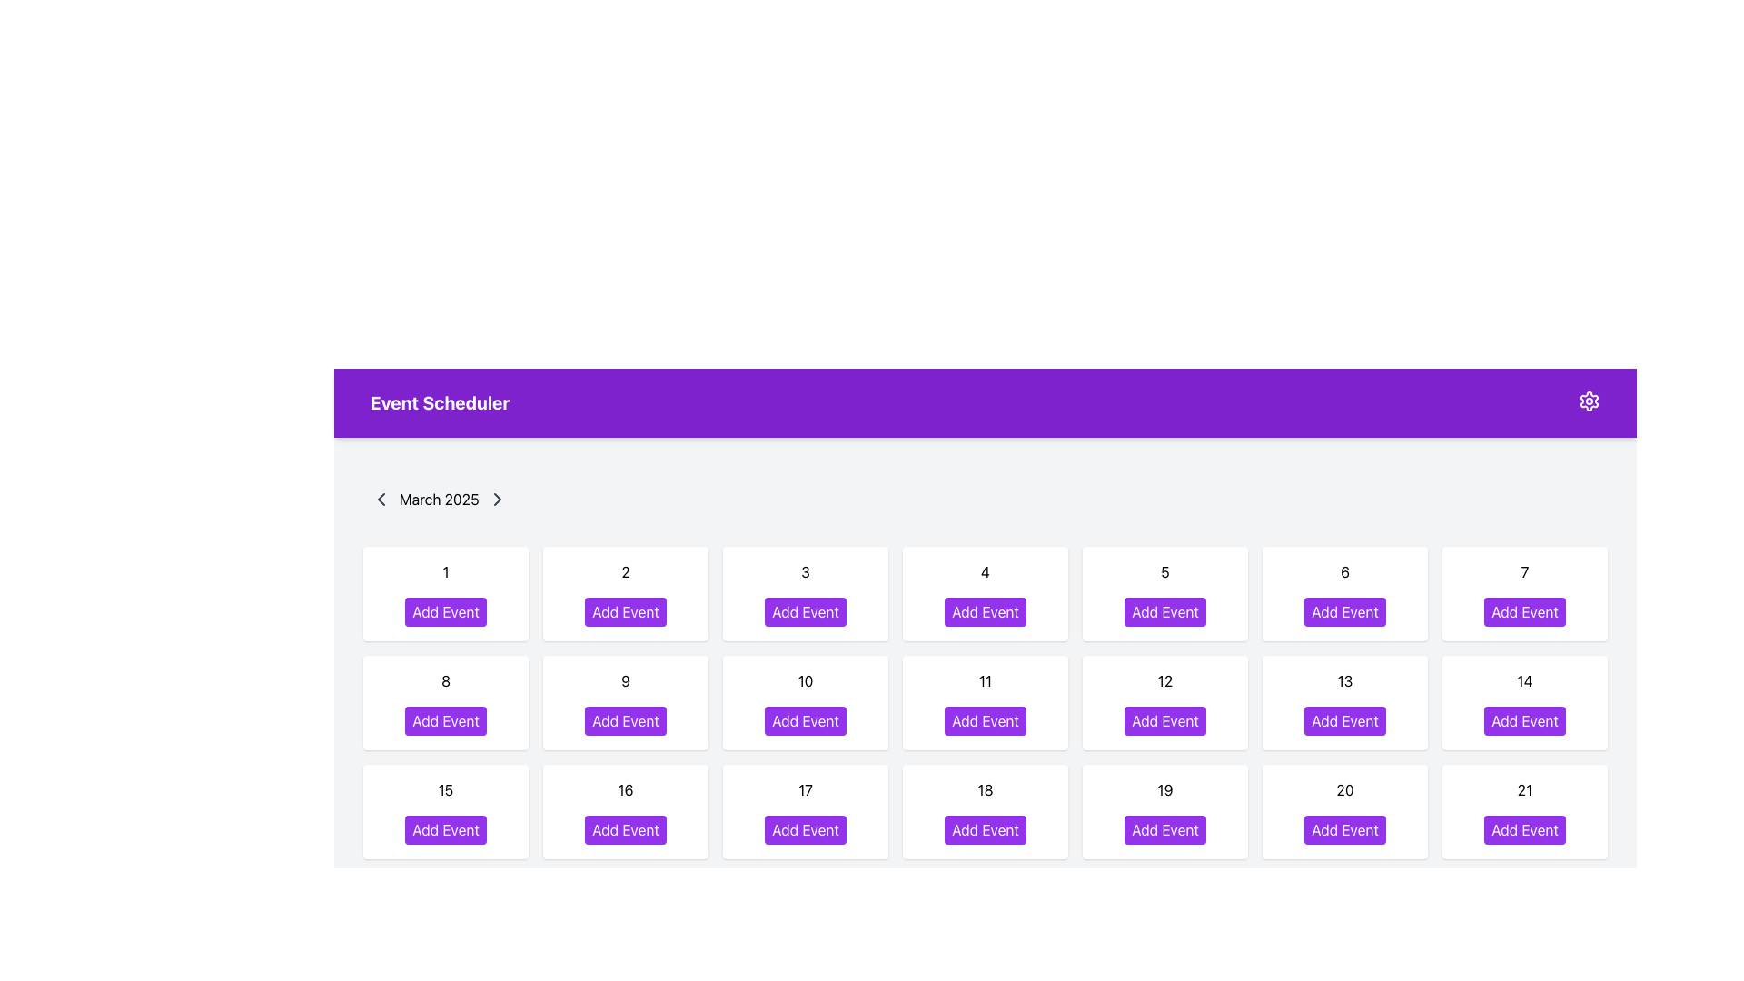 Image resolution: width=1744 pixels, height=981 pixels. Describe the element at coordinates (984, 830) in the screenshot. I see `the button` at that location.